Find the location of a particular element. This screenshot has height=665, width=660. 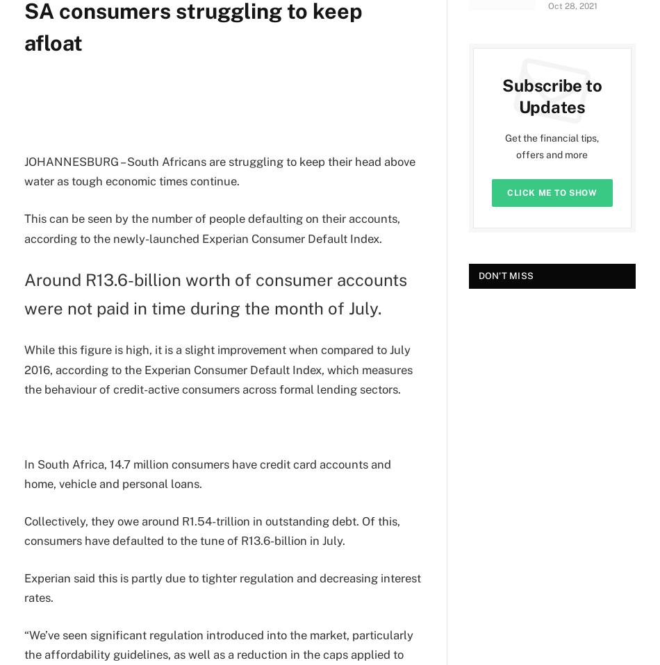

'Get the financial tips, offers and more' is located at coordinates (551, 146).